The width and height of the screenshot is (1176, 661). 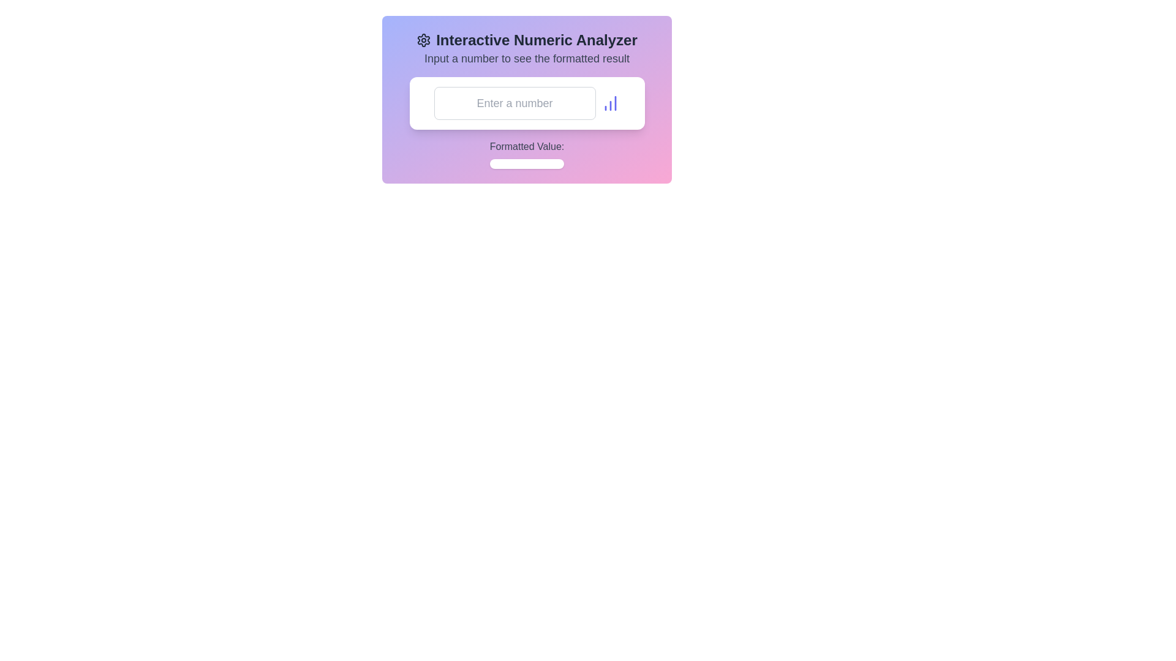 I want to click on the cogwheel icon representing settings located in the upper-left corner of the 'Interactive Numeric Analyzer' card, so click(x=424, y=39).